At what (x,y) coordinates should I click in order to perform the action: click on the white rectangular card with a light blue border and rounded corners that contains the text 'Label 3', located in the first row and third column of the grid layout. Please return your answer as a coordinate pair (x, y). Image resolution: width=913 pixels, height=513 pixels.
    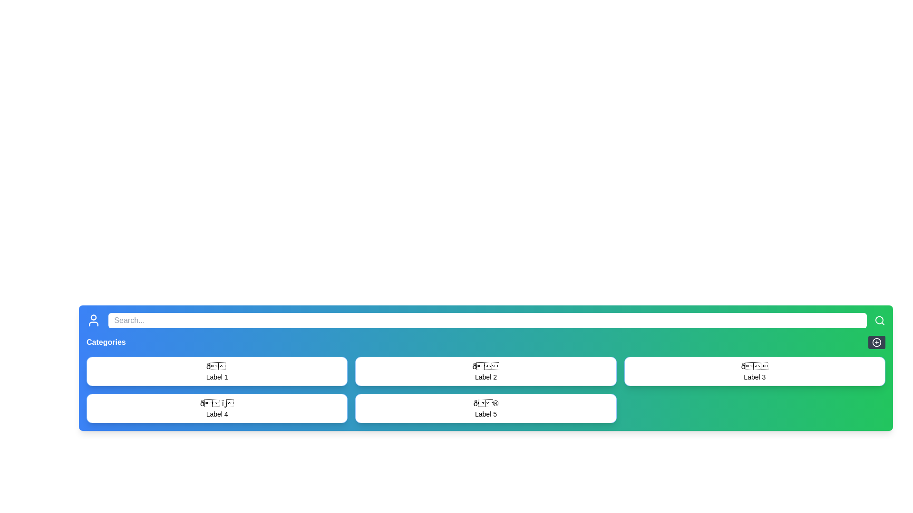
    Looking at the image, I should click on (754, 371).